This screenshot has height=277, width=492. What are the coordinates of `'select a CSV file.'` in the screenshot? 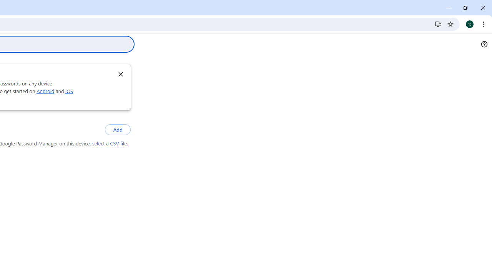 It's located at (110, 144).